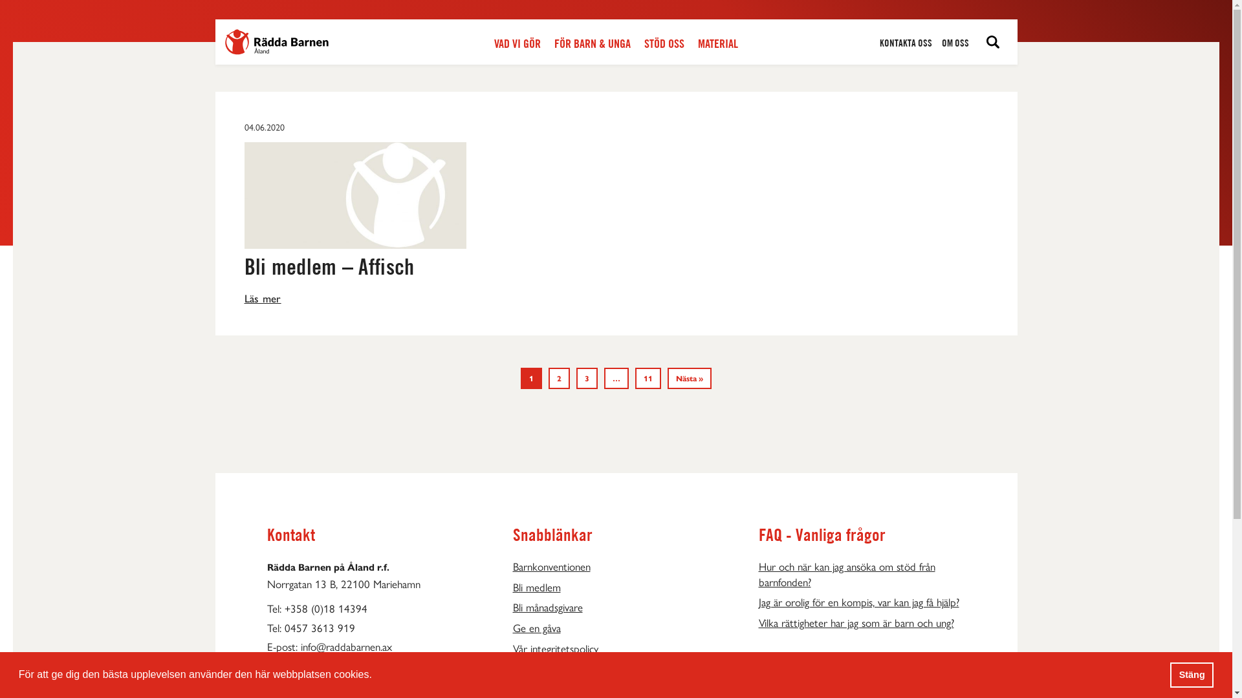 Image resolution: width=1242 pixels, height=698 pixels. What do you see at coordinates (955, 43) in the screenshot?
I see `'OM OSS'` at bounding box center [955, 43].